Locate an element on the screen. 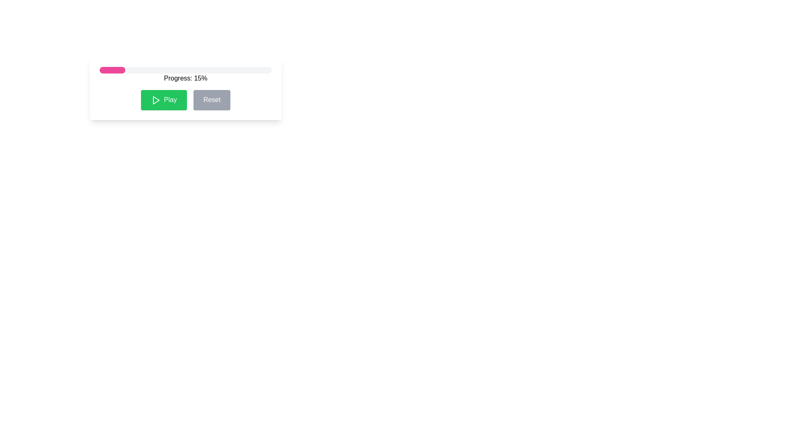  the 'Reset' button is located at coordinates (212, 100).